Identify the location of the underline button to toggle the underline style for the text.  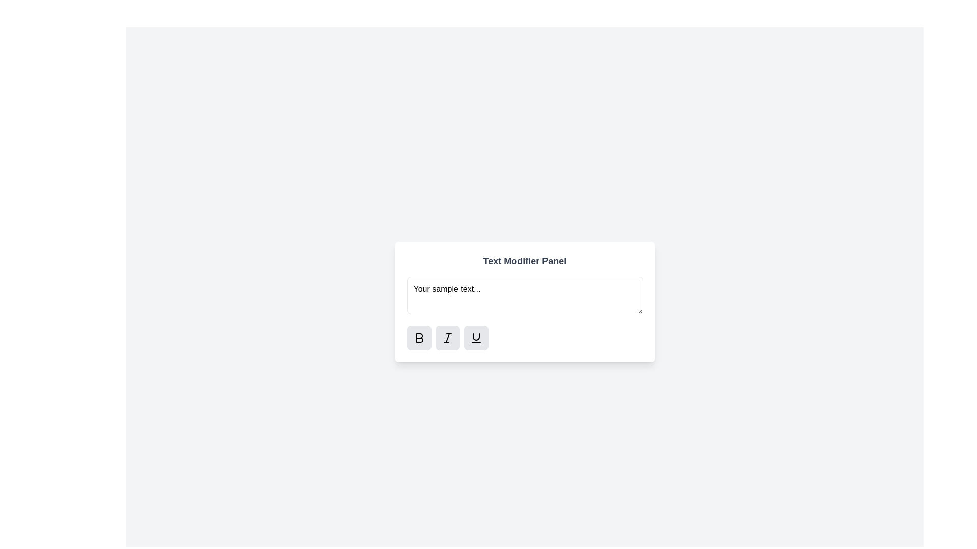
(475, 338).